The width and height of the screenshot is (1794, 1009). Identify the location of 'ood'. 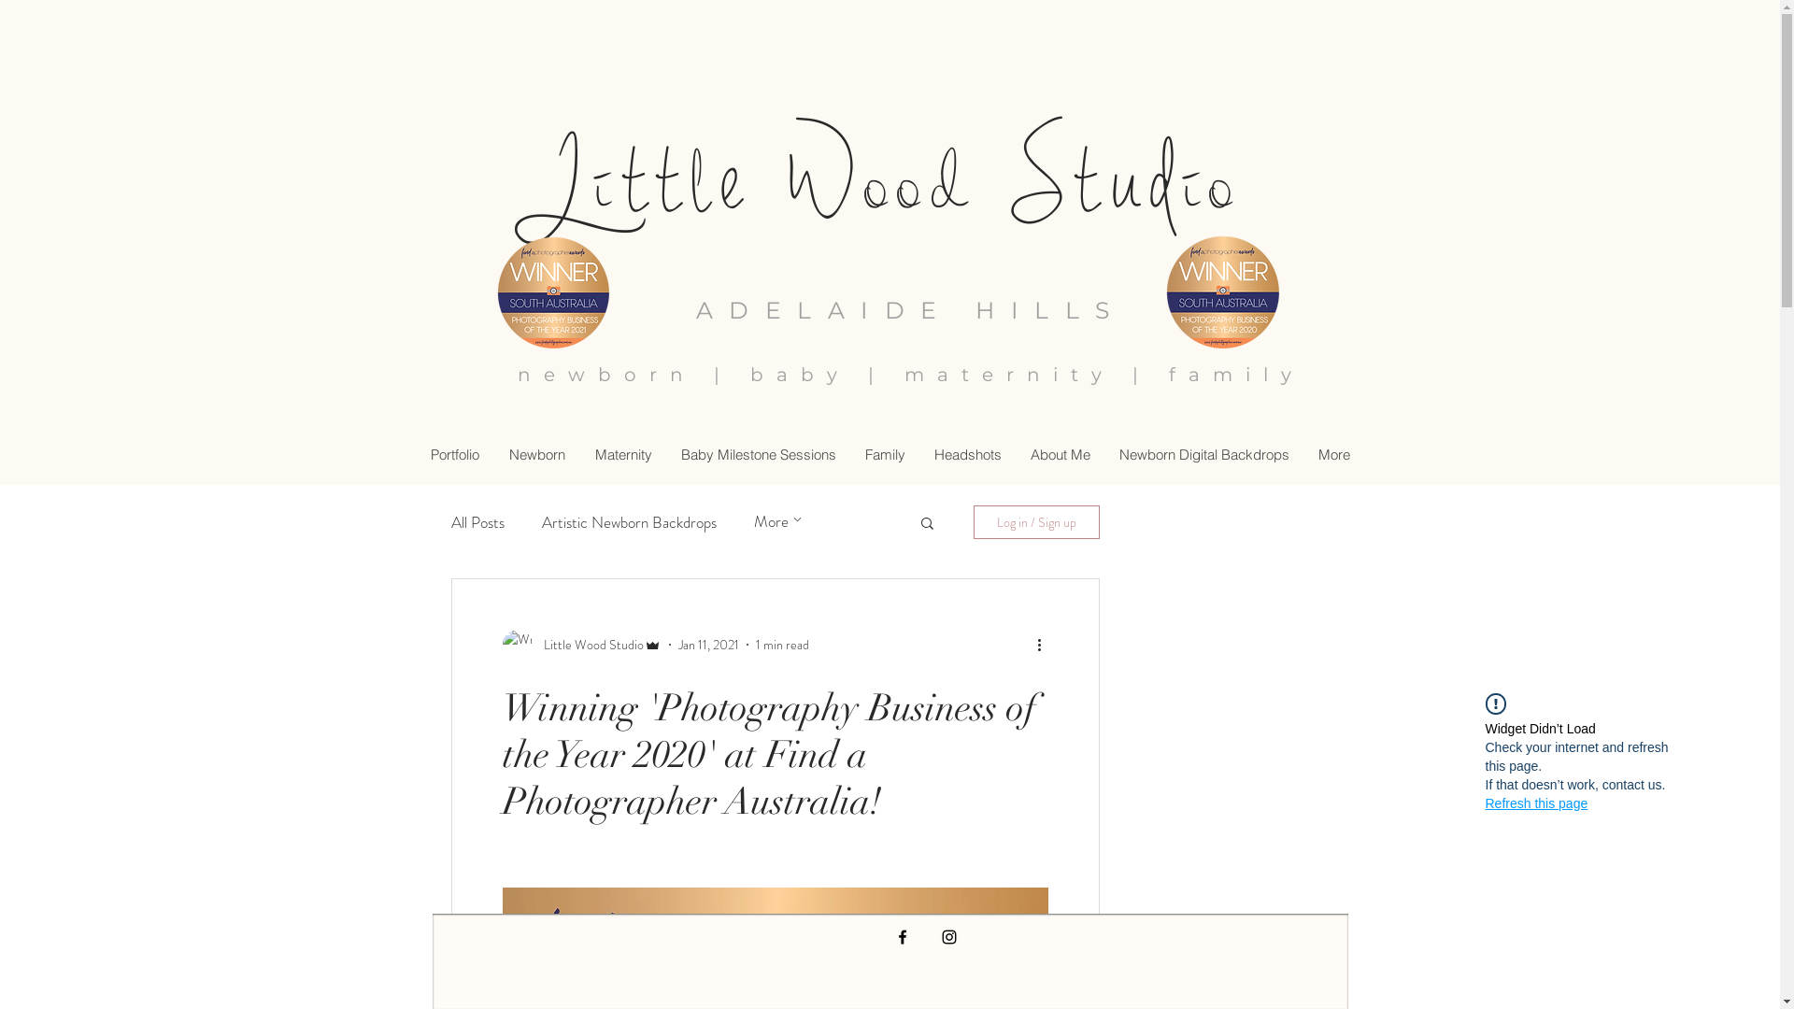
(920, 182).